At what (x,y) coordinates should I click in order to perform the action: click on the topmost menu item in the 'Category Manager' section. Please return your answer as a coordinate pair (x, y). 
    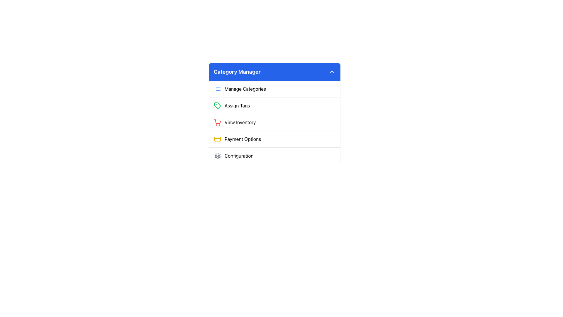
    Looking at the image, I should click on (274, 89).